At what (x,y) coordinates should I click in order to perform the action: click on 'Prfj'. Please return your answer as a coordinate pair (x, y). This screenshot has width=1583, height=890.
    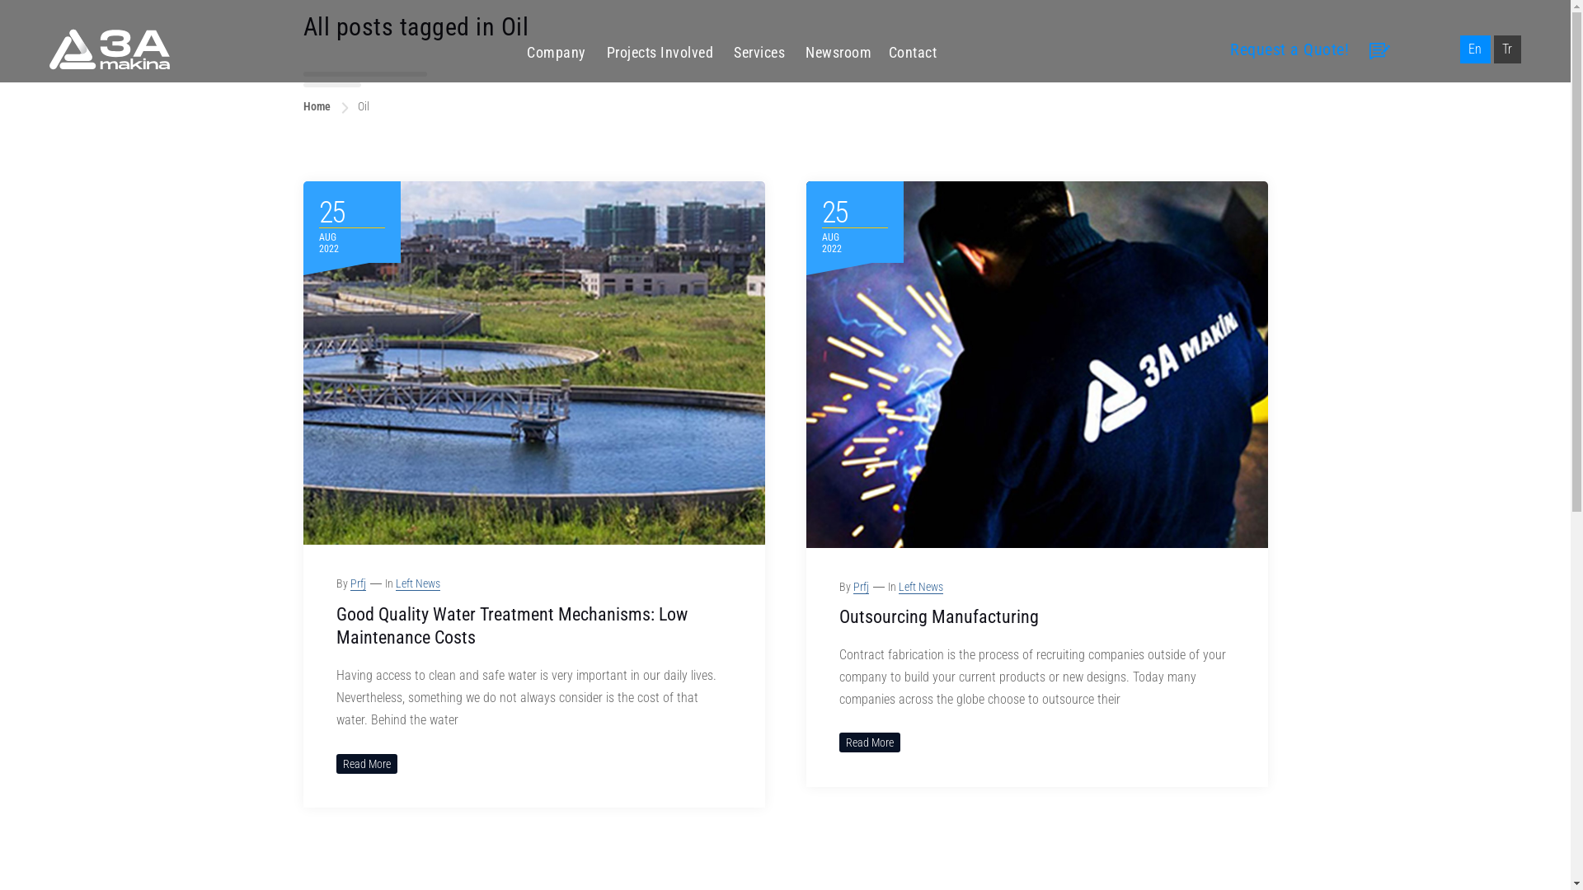
    Looking at the image, I should click on (356, 583).